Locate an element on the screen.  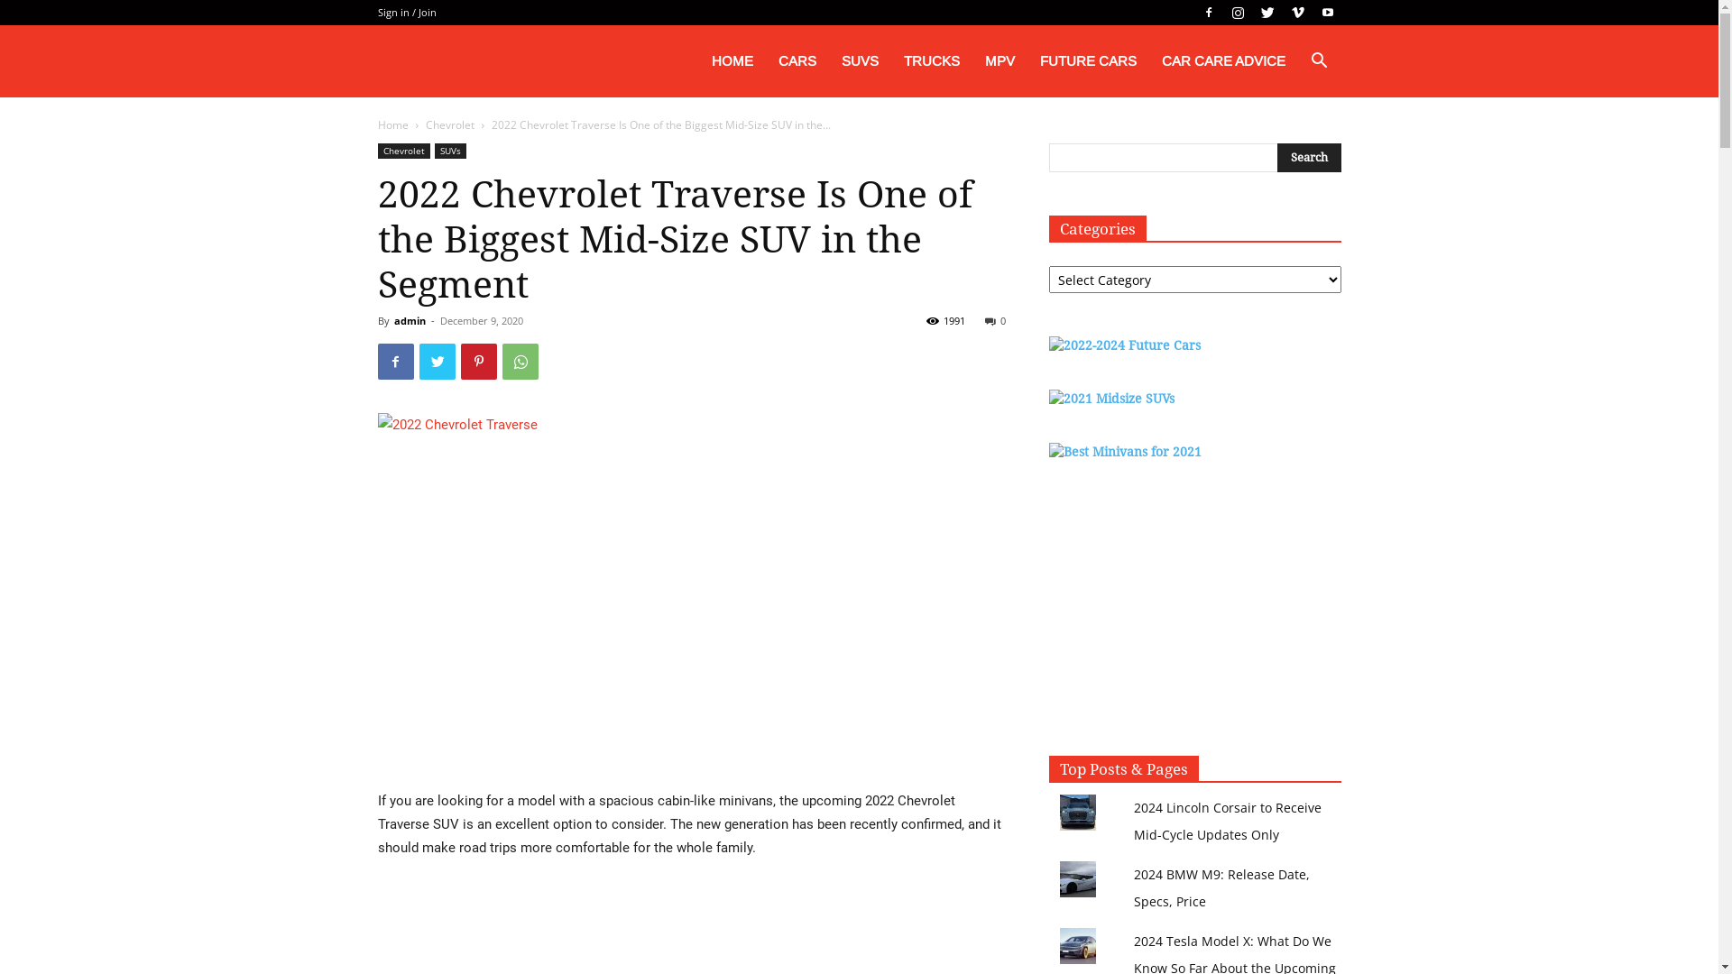
'Facebook' is located at coordinates (393, 362).